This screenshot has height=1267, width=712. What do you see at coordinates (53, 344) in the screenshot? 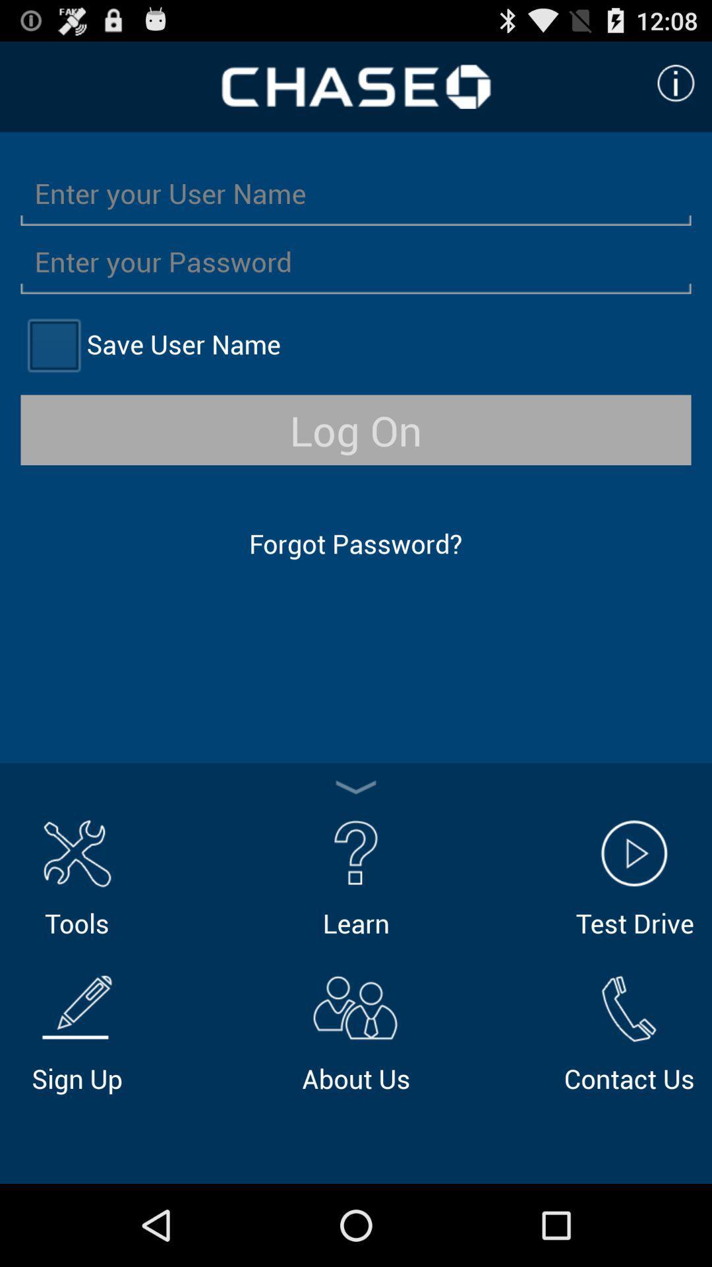
I see `the icon to the left of save user name item` at bounding box center [53, 344].